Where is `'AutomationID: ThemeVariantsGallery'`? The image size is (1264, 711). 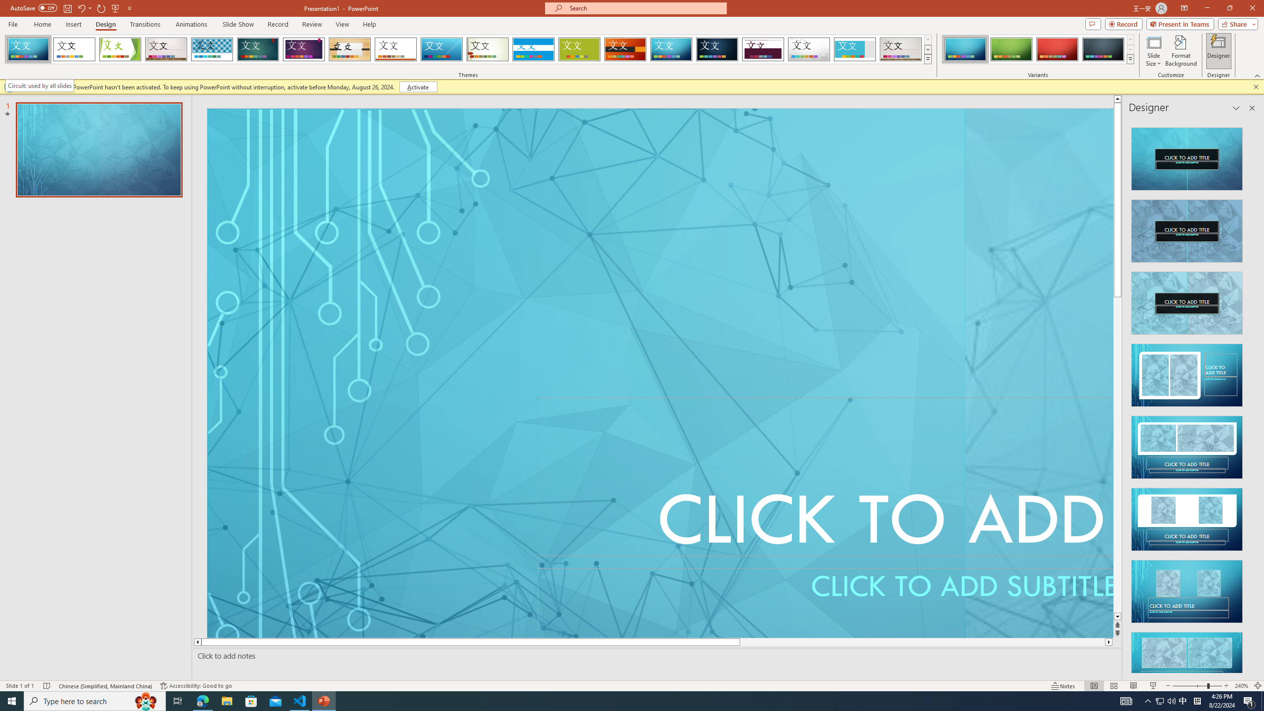 'AutomationID: ThemeVariantsGallery' is located at coordinates (1038, 49).